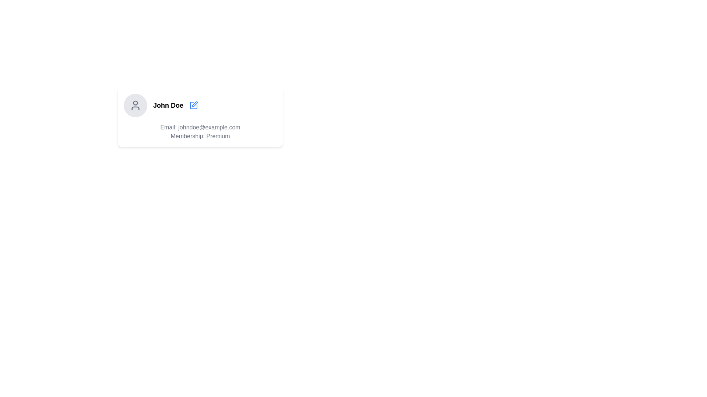 This screenshot has height=397, width=707. I want to click on the static text element displaying 'Email: johndoe@example.com', which is located in the user profile section above the 'Membership: Premium' text, so click(200, 127).